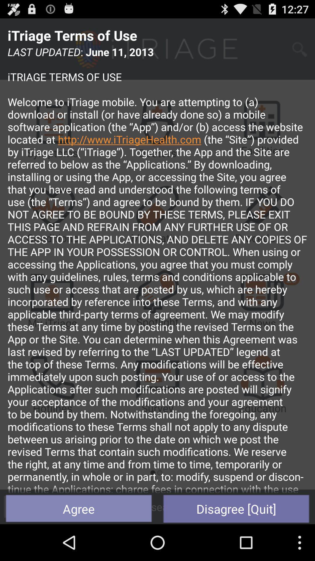  Describe the element at coordinates (236, 508) in the screenshot. I see `the icon at the bottom right corner` at that location.